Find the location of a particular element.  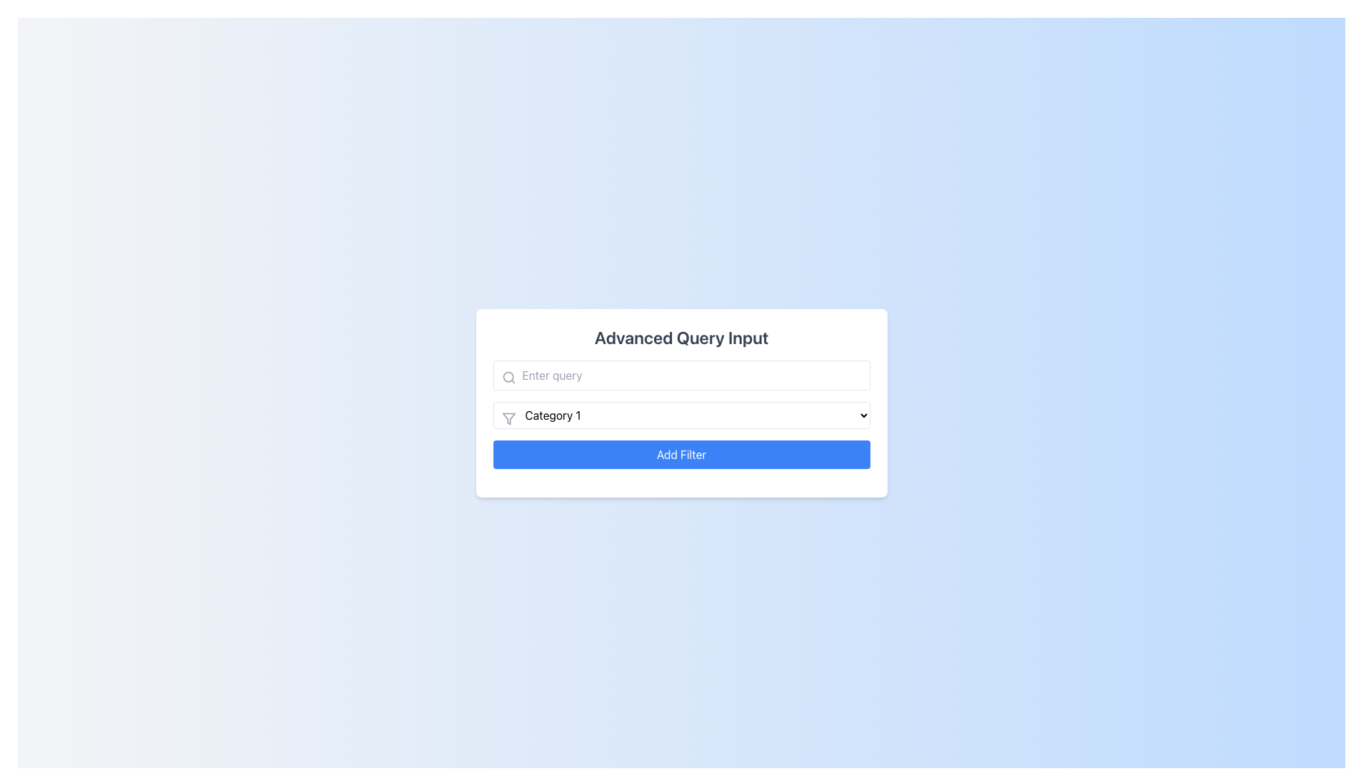

the filtering icon located in the dropdown area of the 'Category 1' selection, which signifies the filtering operation in the interface is located at coordinates (508, 418).